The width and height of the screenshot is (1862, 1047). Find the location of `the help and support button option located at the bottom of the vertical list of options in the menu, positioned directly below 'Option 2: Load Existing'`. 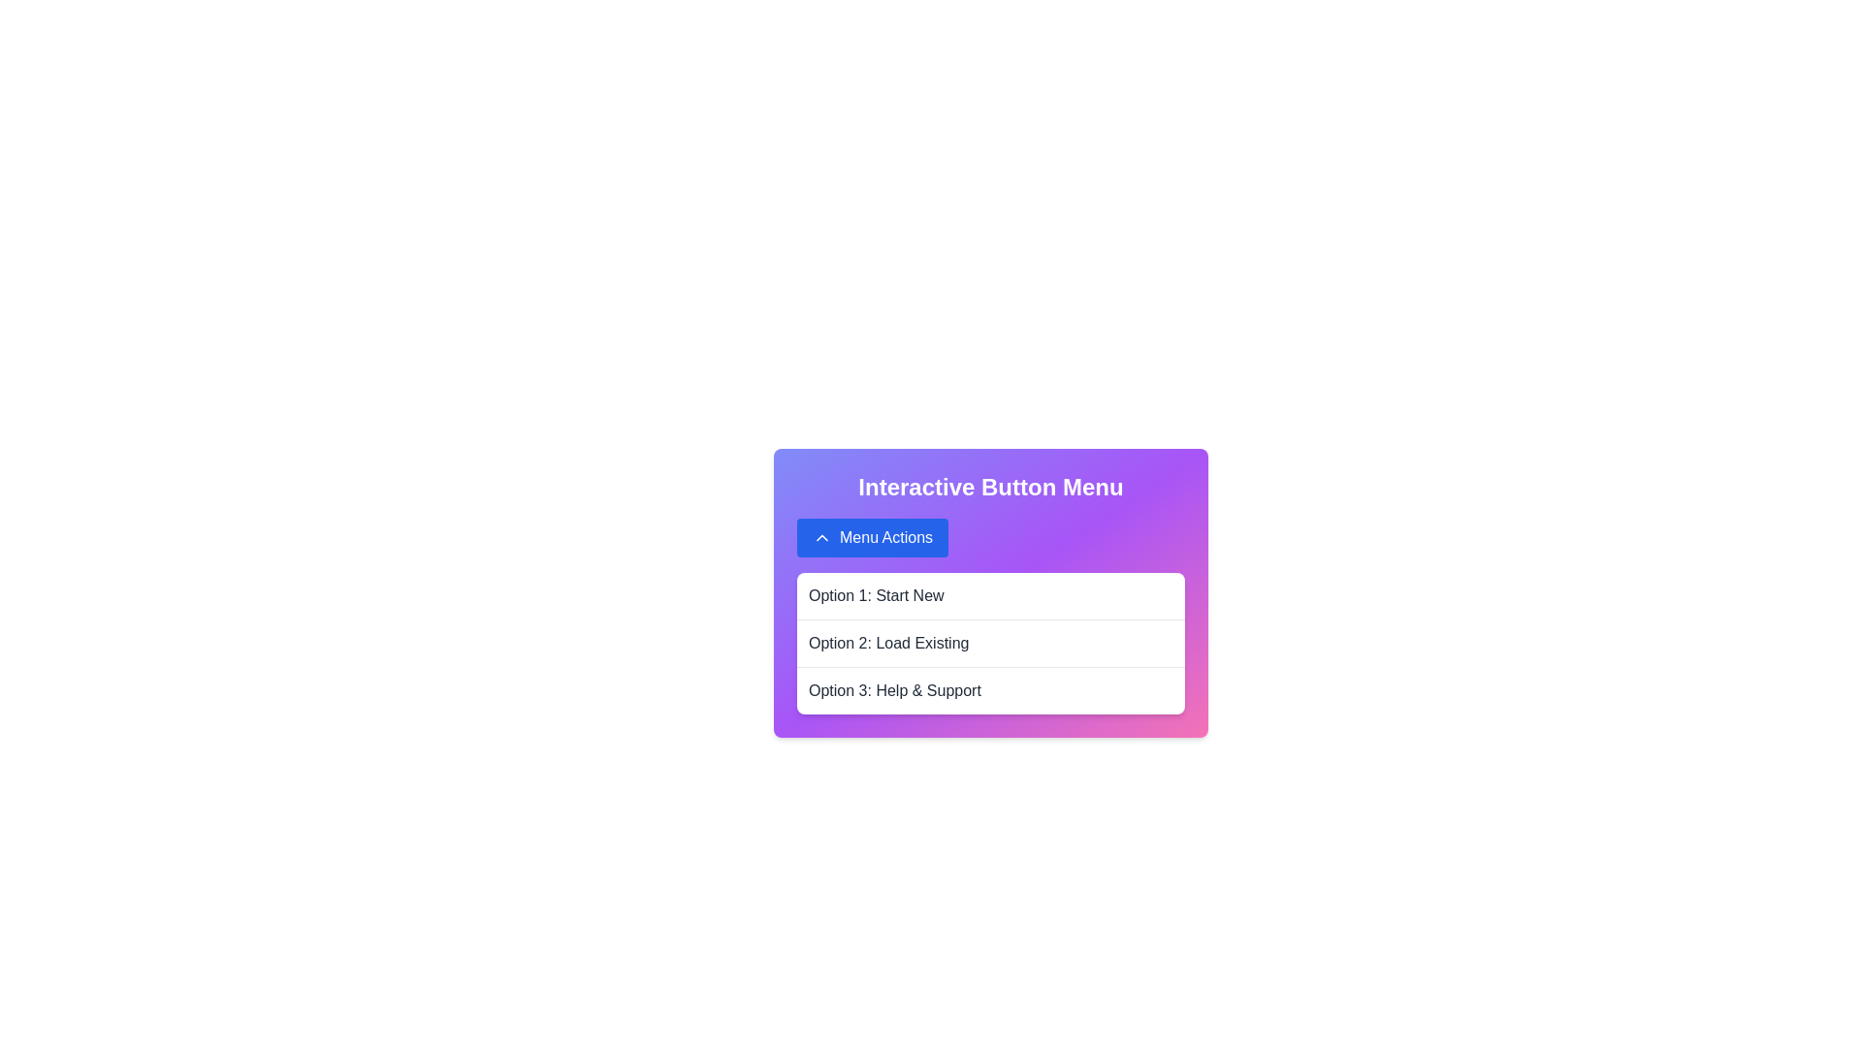

the help and support button option located at the bottom of the vertical list of options in the menu, positioned directly below 'Option 2: Load Existing' is located at coordinates (991, 689).